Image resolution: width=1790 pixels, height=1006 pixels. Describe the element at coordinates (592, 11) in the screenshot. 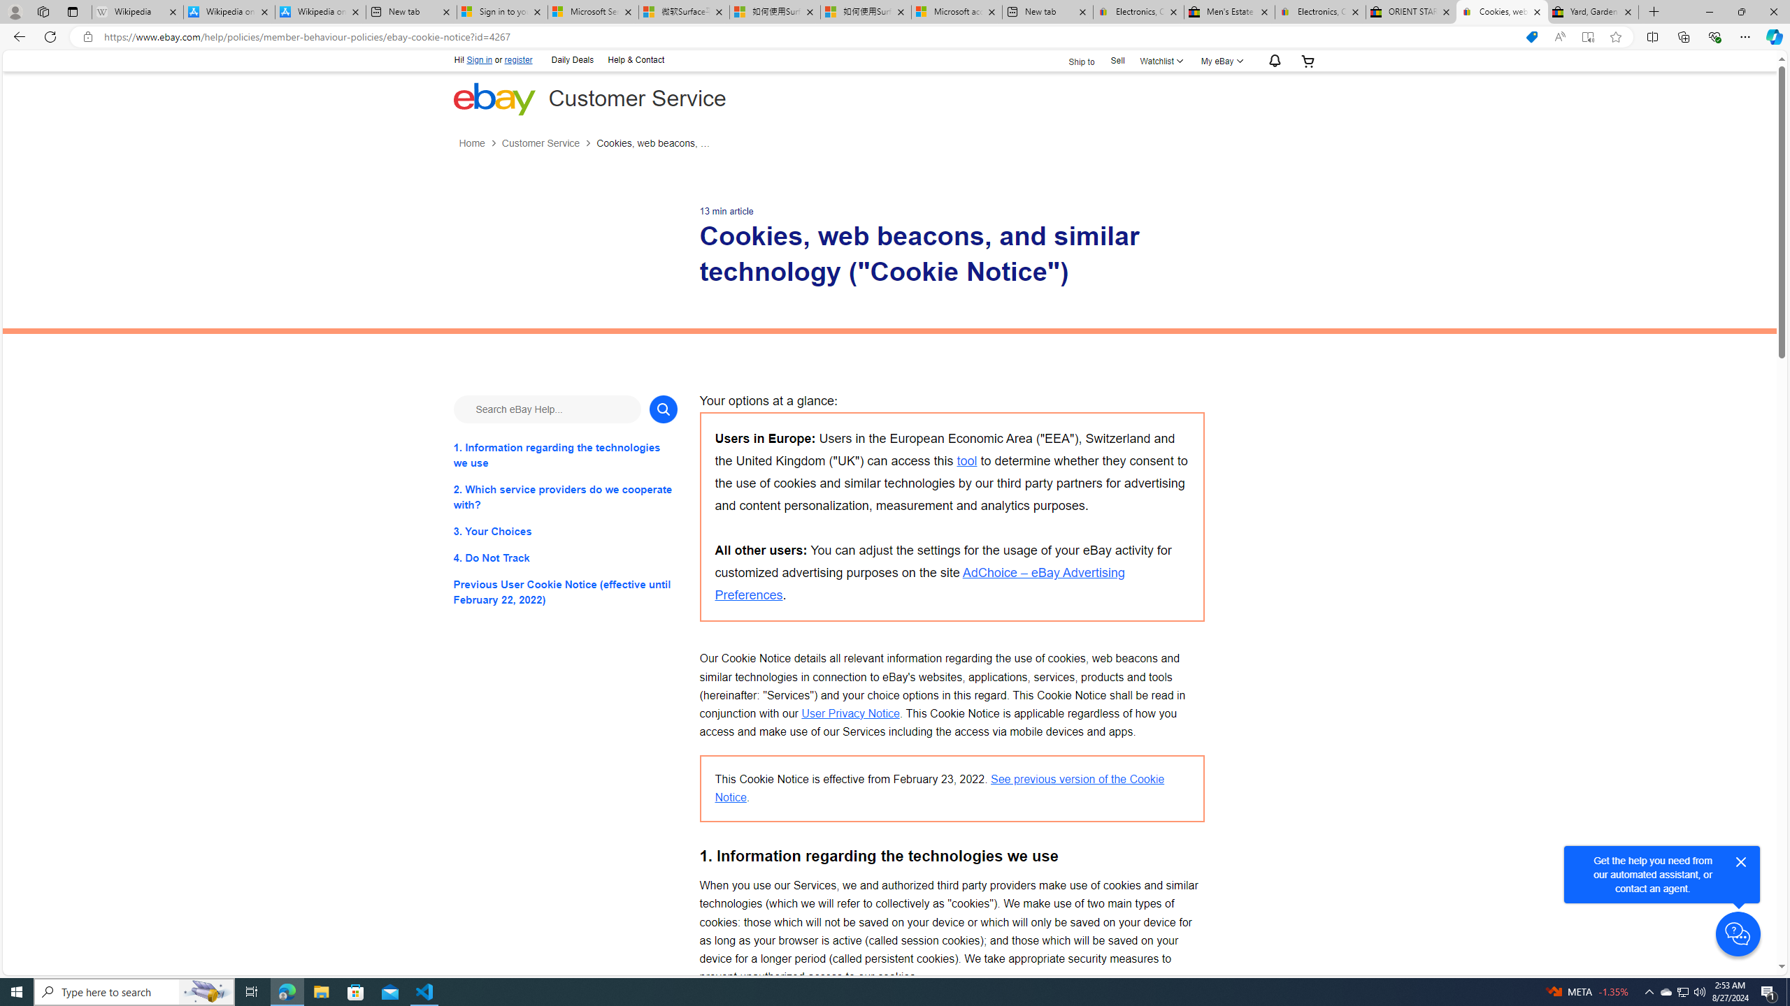

I see `'Microsoft Services Agreement'` at that location.